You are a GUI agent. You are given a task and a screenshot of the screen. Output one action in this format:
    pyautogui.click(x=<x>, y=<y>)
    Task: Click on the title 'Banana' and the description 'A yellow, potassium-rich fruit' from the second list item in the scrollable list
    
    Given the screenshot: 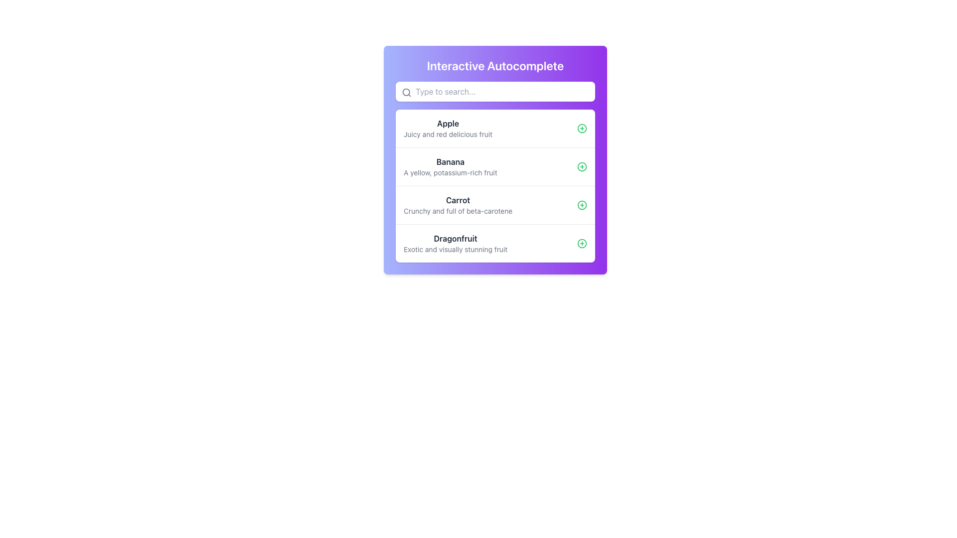 What is the action you would take?
    pyautogui.click(x=450, y=166)
    